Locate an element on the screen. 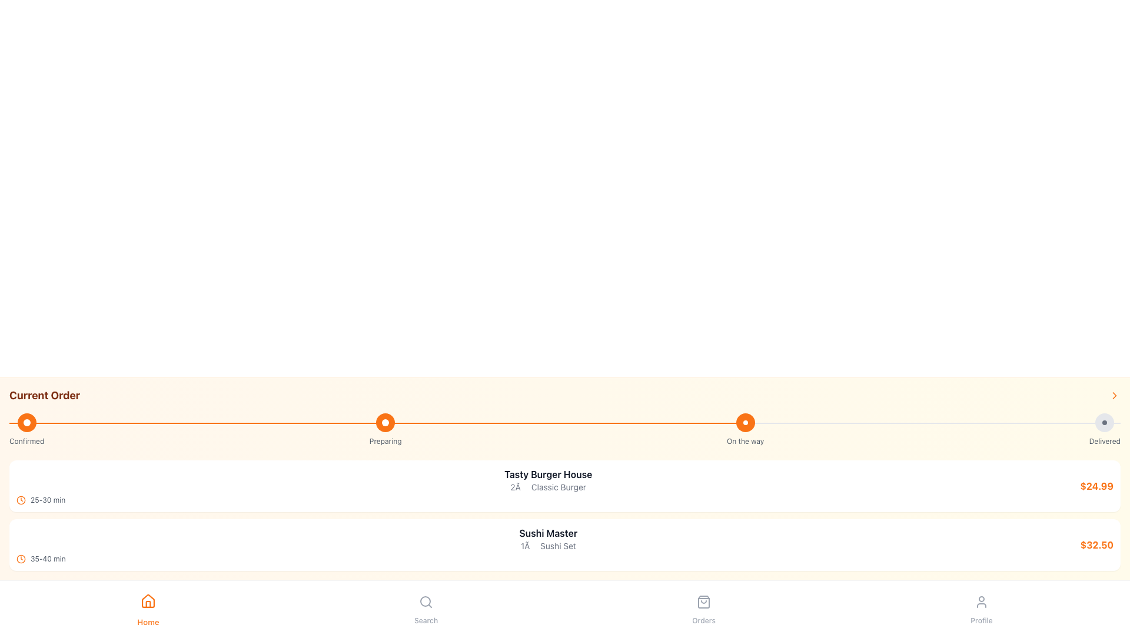 This screenshot has height=635, width=1130. the Status indicator that shows 'On the way' in the order progress tracker, which is the third milestone in the horizontal progress bar is located at coordinates (745, 430).